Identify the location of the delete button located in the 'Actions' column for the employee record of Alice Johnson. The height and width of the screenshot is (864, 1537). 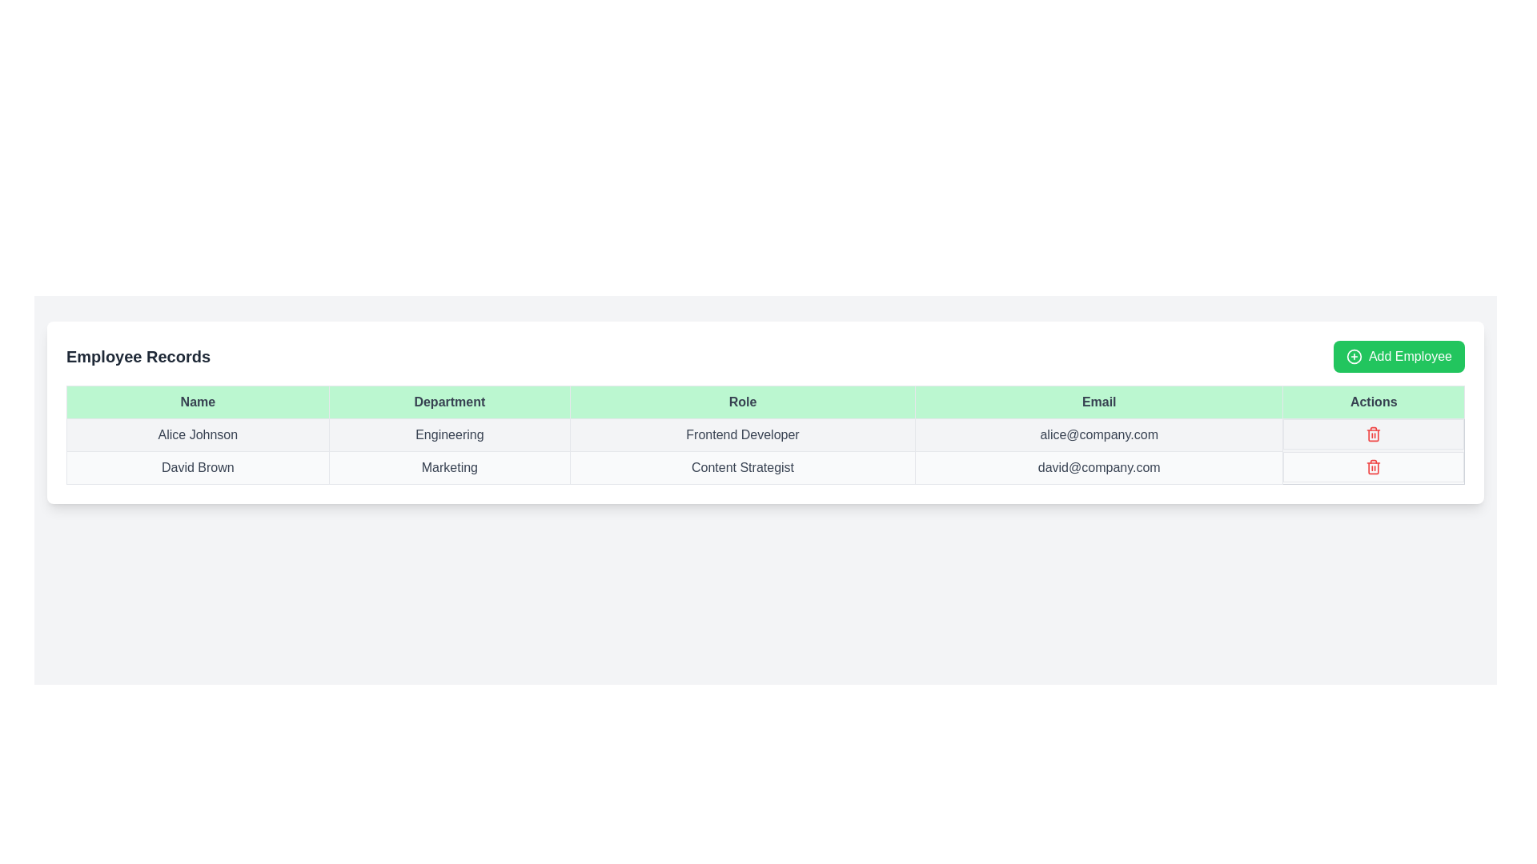
(1373, 434).